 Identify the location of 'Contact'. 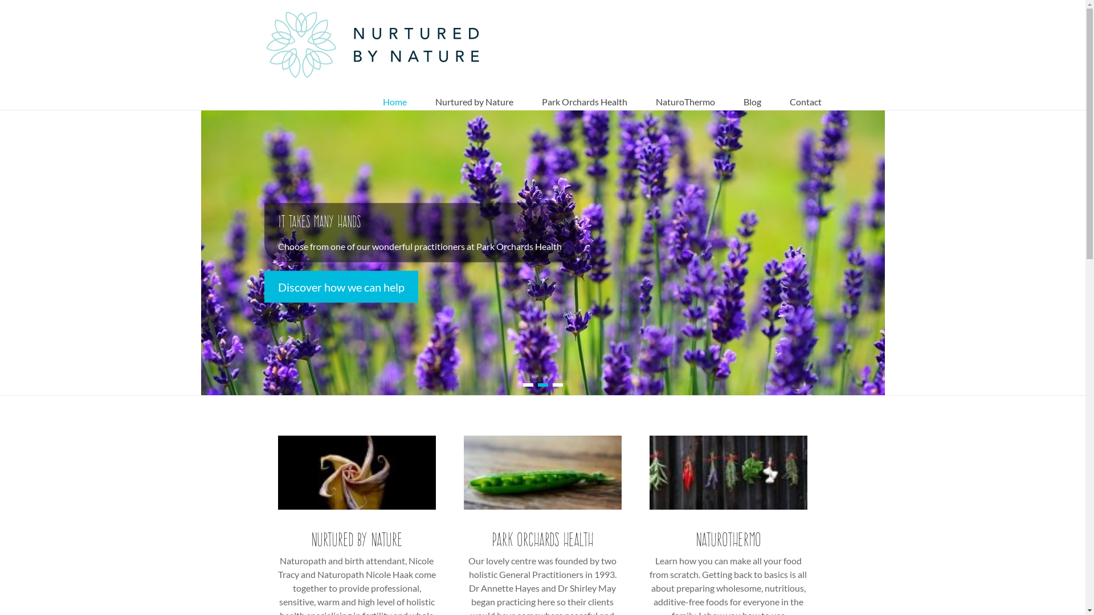
(805, 92).